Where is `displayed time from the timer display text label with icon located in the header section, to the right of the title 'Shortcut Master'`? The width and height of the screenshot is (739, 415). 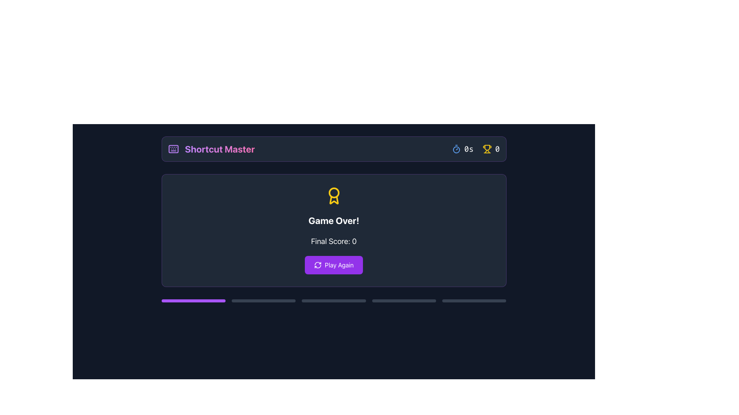 displayed time from the timer display text label with icon located in the header section, to the right of the title 'Shortcut Master' is located at coordinates (462, 149).